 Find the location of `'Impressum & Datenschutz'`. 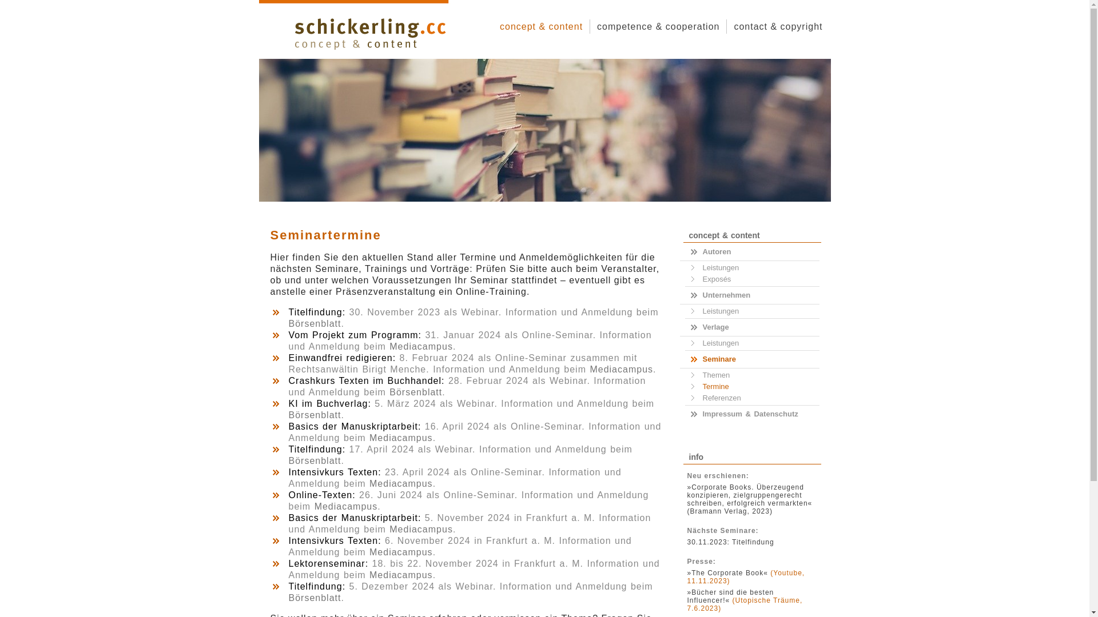

'Impressum & Datenschutz' is located at coordinates (752, 414).